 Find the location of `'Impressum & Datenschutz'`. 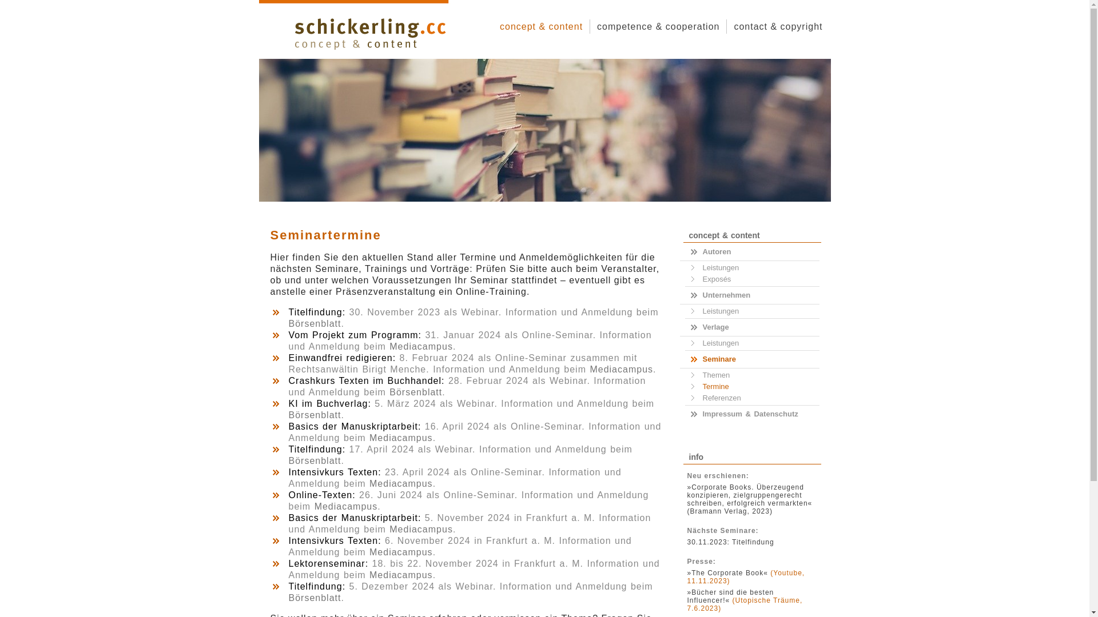

'Impressum & Datenschutz' is located at coordinates (752, 414).